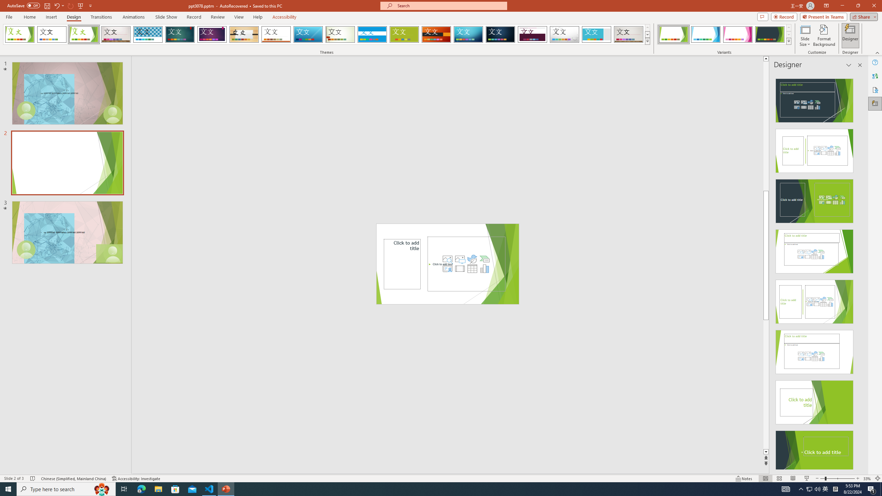  I want to click on 'Gallery', so click(629, 34).